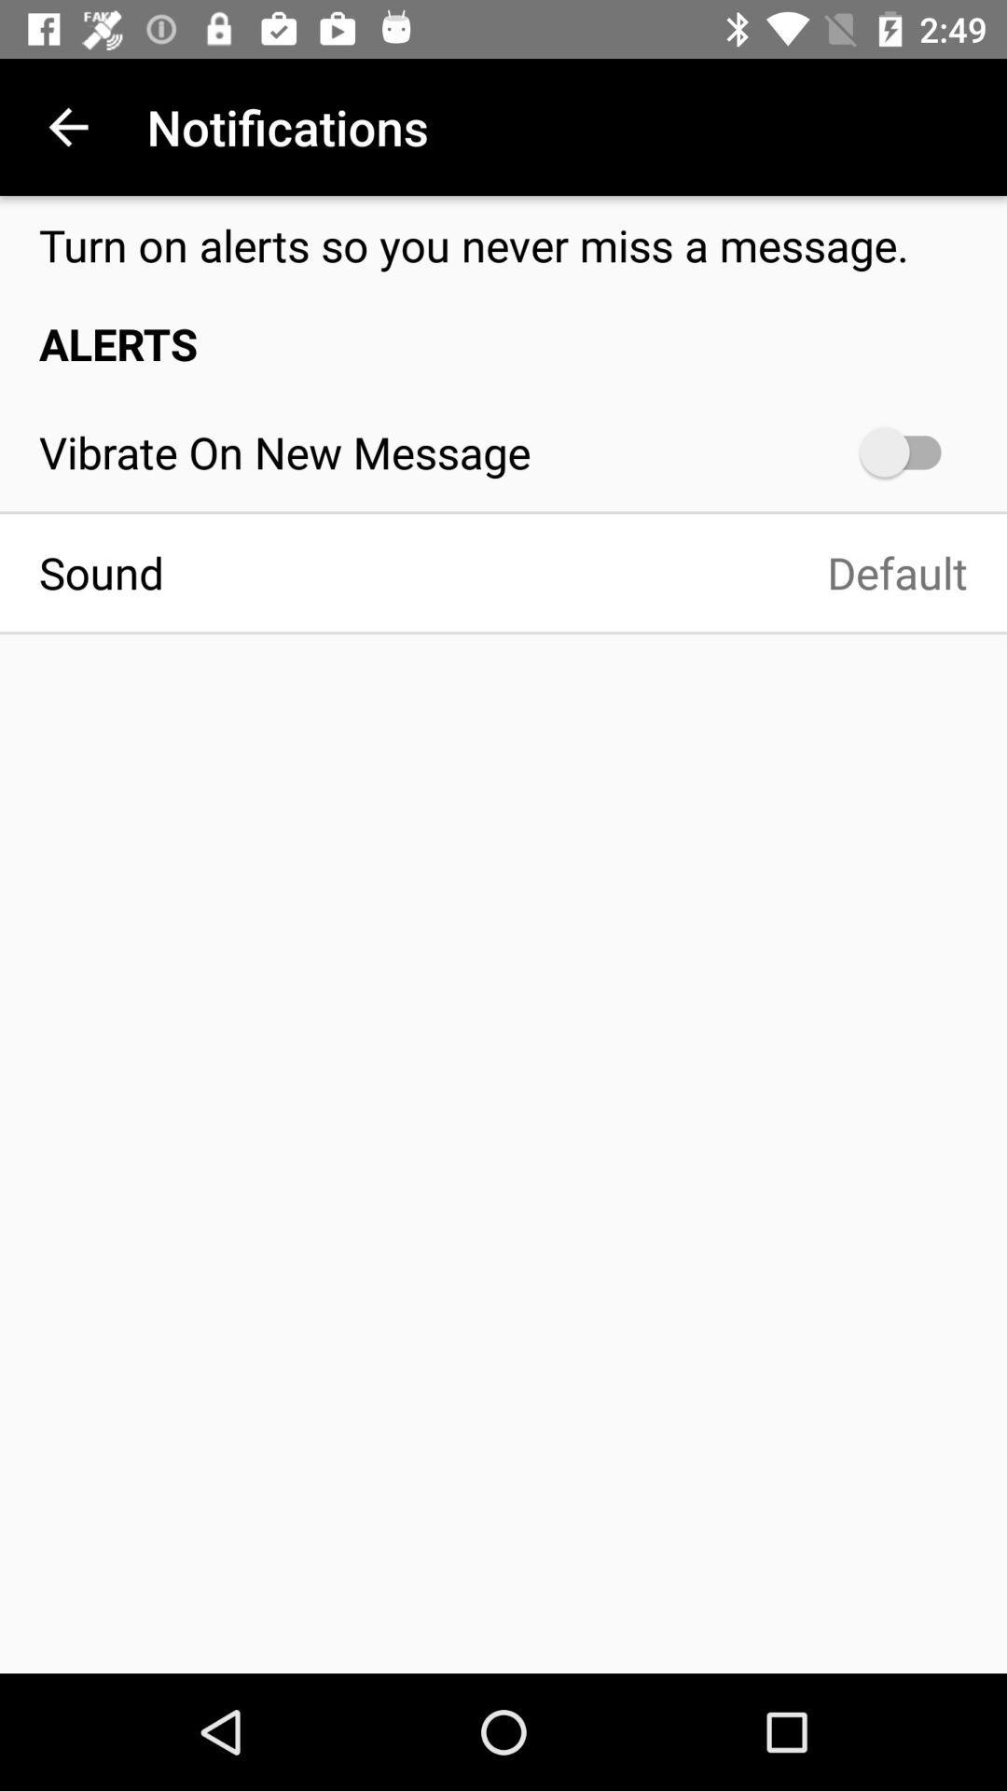 The height and width of the screenshot is (1791, 1007). Describe the element at coordinates (585, 572) in the screenshot. I see `the icon next to the sound icon` at that location.